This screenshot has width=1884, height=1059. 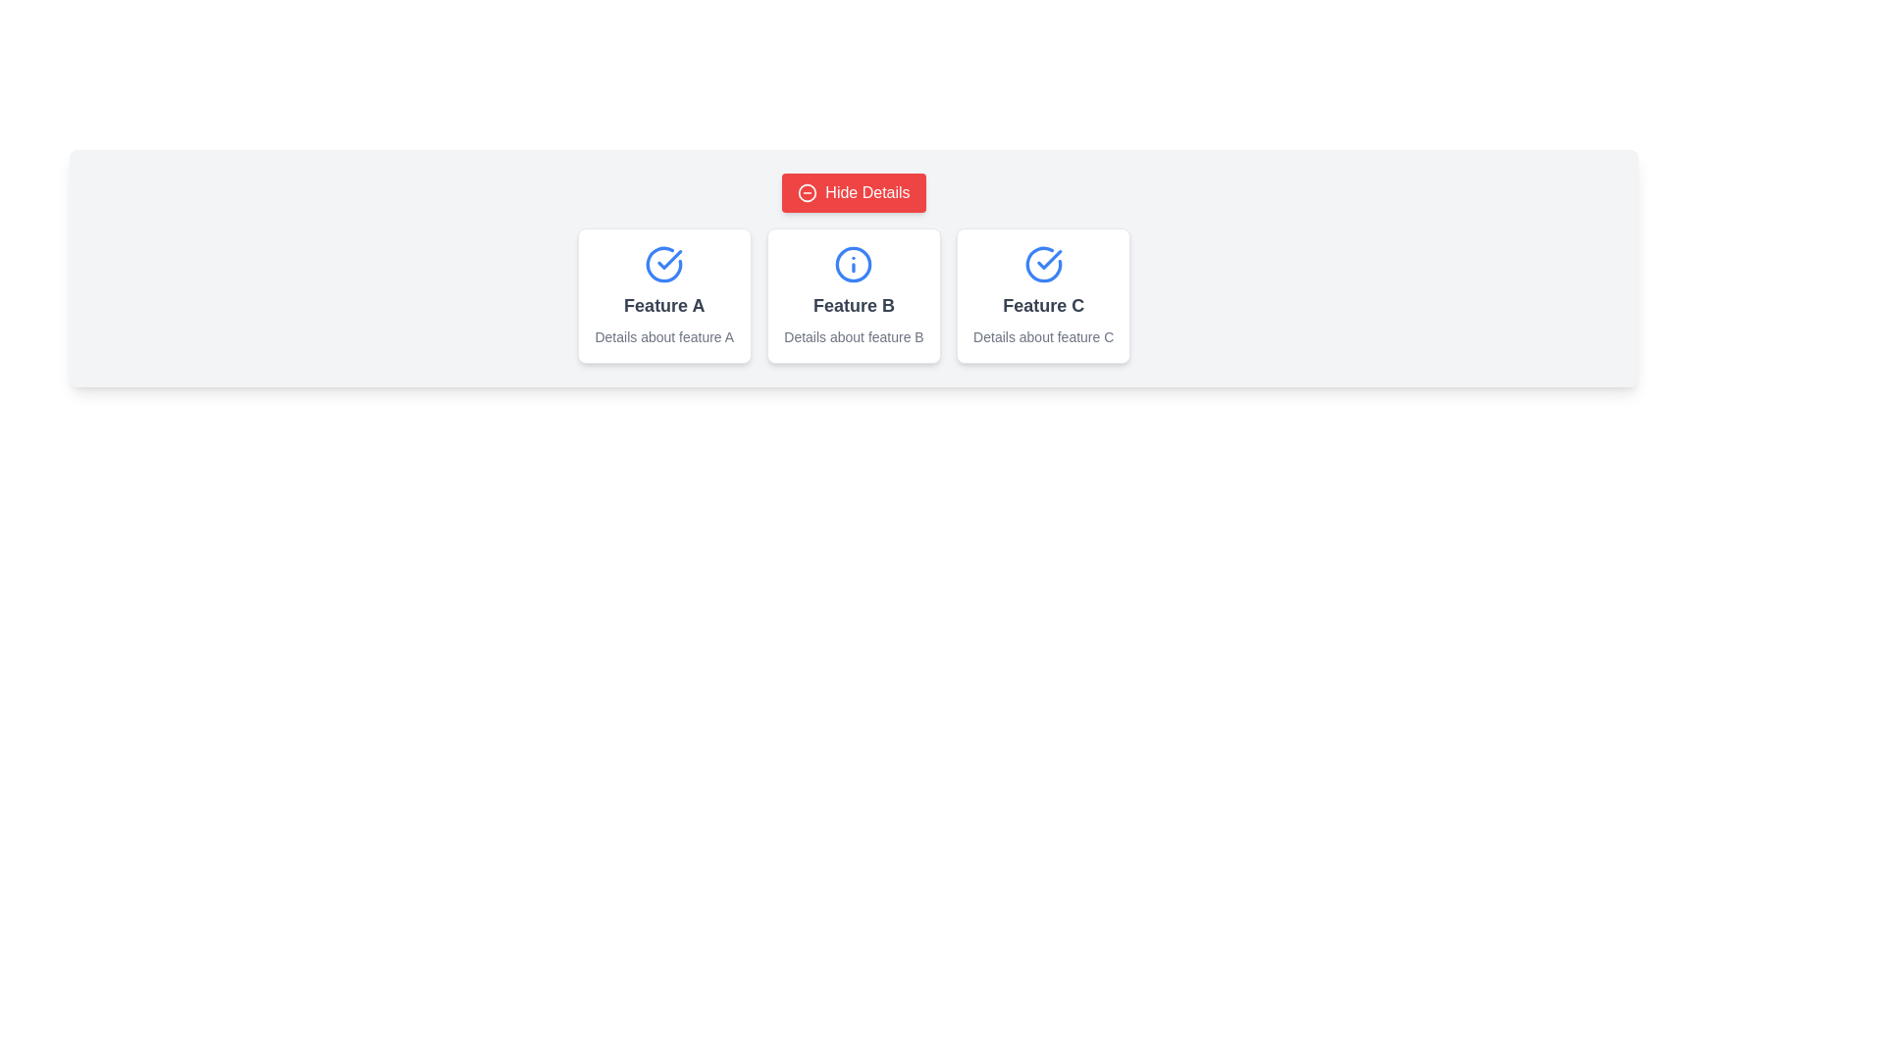 I want to click on the bold text heading 'Feature A' located in the middle of the first card from the left, which is styled with a large font size in dark gray color, so click(x=664, y=306).